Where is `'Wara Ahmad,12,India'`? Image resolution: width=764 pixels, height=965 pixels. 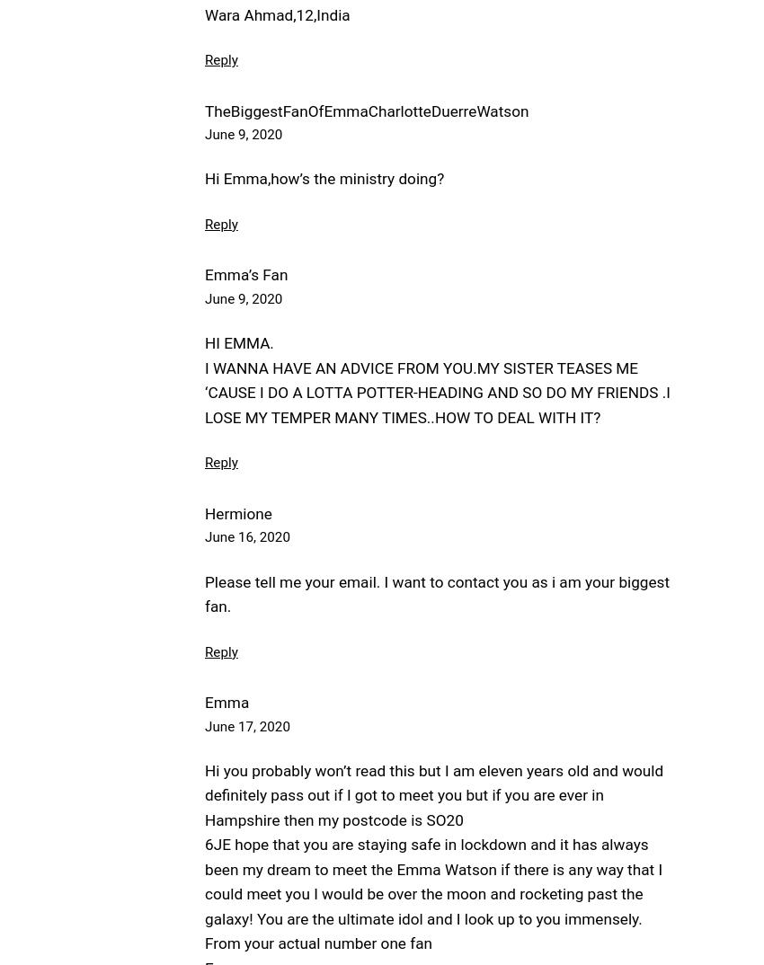
'Wara Ahmad,12,India' is located at coordinates (204, 13).